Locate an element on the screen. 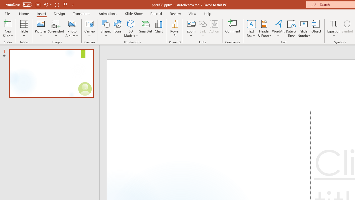 The width and height of the screenshot is (355, 200). 'Table' is located at coordinates (24, 29).